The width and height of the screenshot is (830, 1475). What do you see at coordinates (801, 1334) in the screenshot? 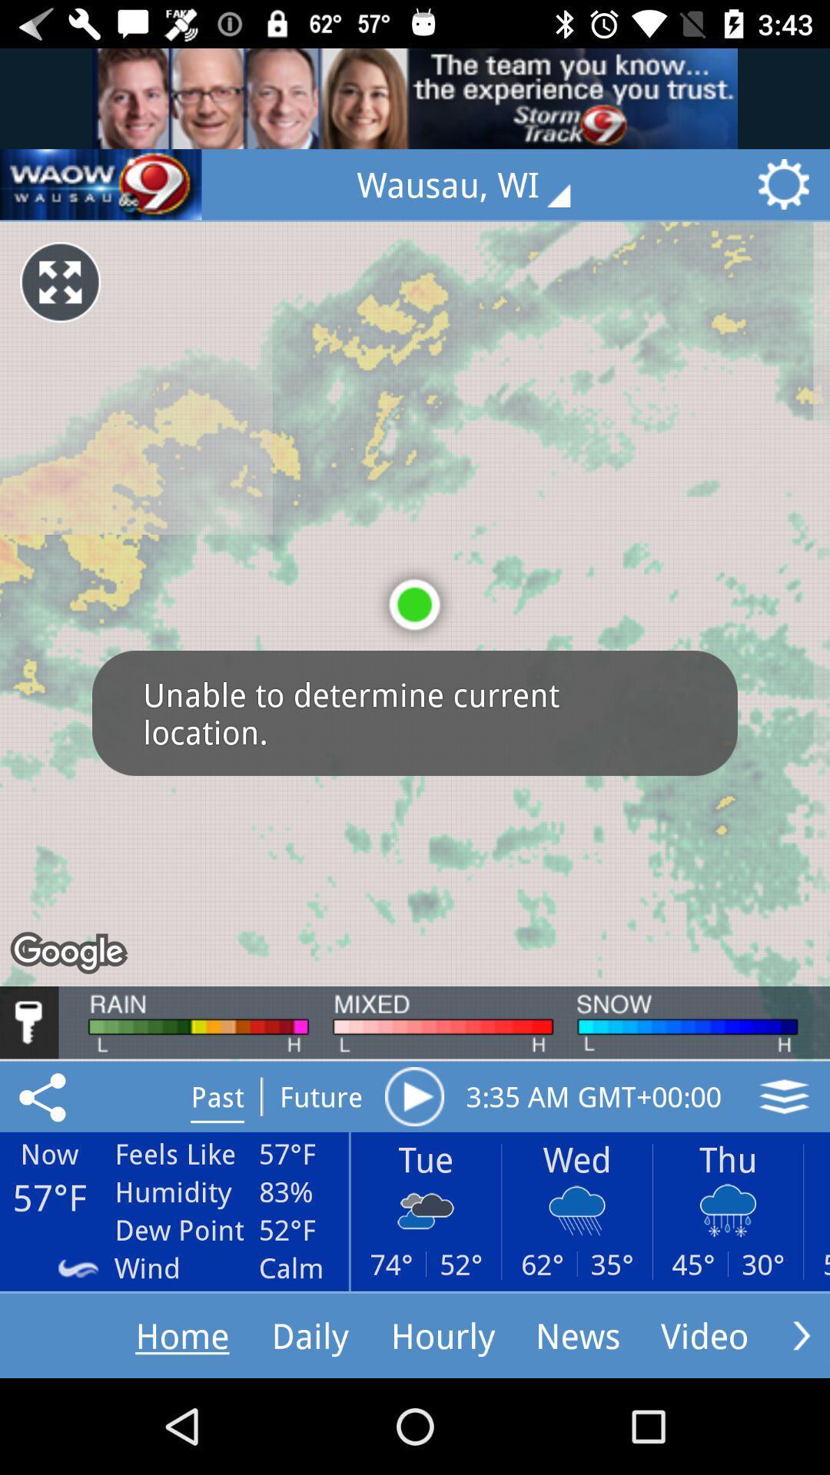
I see `the arrow_forward icon` at bounding box center [801, 1334].